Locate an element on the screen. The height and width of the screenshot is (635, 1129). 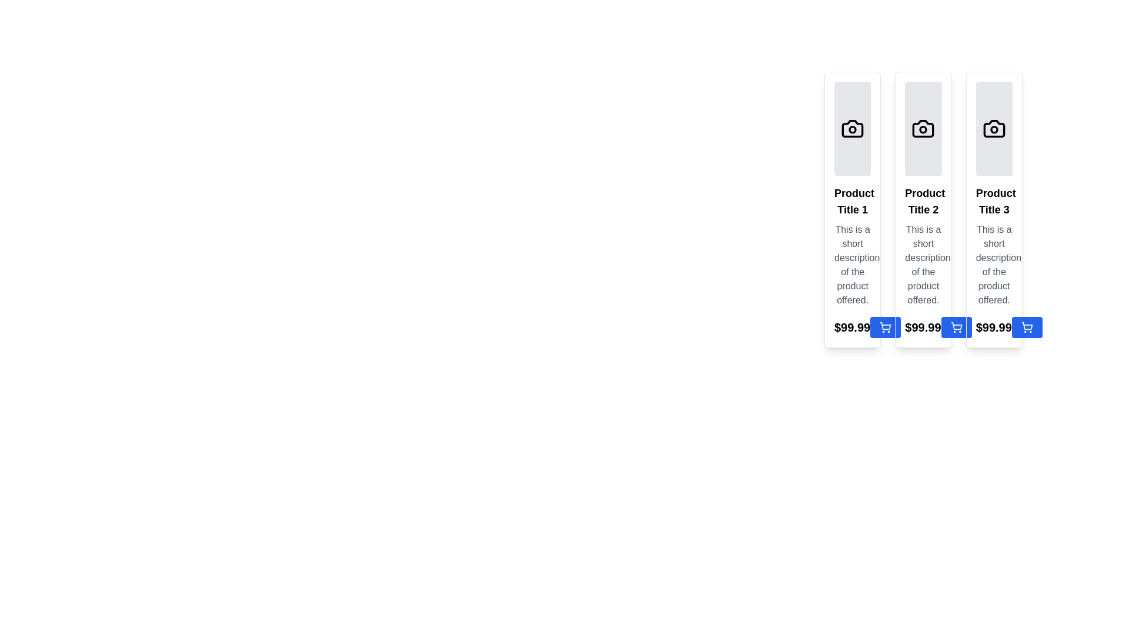
the informational text element that provides a brief description of the product listed in the card, located between 'Product Title 3' and the '$99.99' price is located at coordinates (993, 265).